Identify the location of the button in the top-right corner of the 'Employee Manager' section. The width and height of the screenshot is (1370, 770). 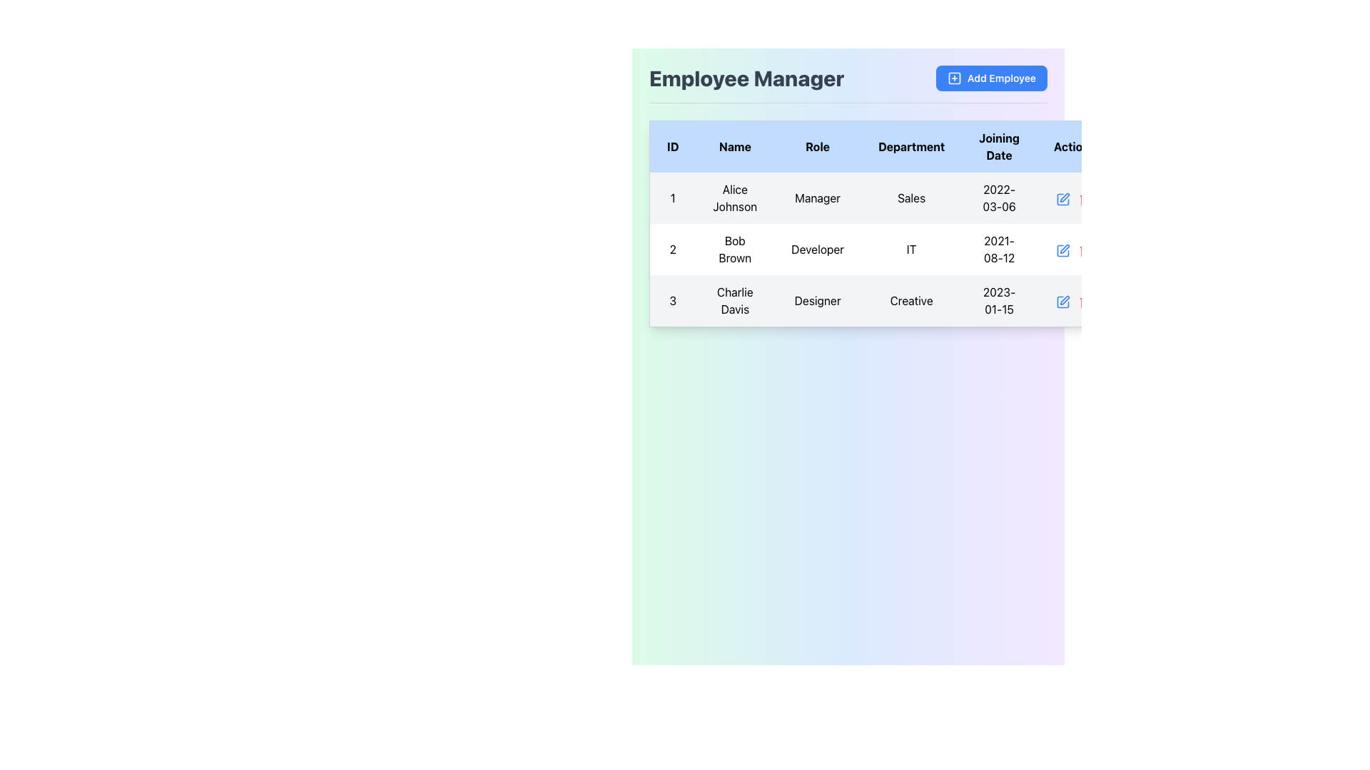
(990, 78).